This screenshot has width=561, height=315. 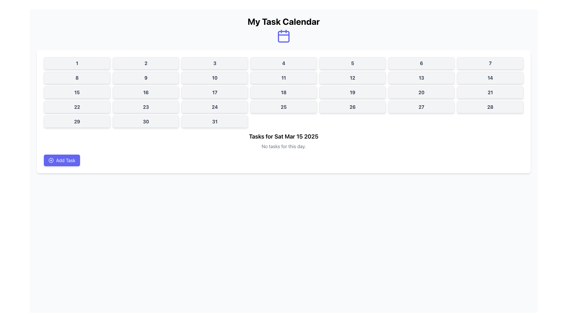 What do you see at coordinates (214, 121) in the screenshot?
I see `the button representing the 31st date in the calendar interface` at bounding box center [214, 121].